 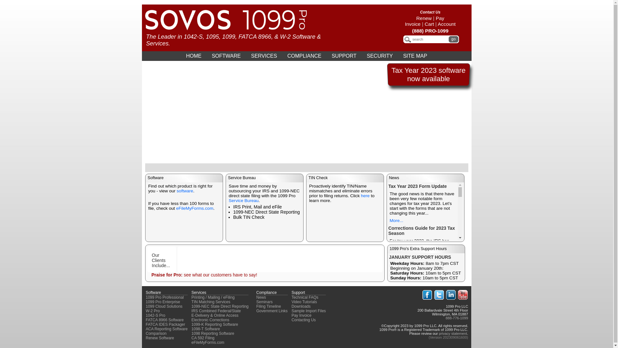 What do you see at coordinates (291, 302) in the screenshot?
I see `'Video Tutorials'` at bounding box center [291, 302].